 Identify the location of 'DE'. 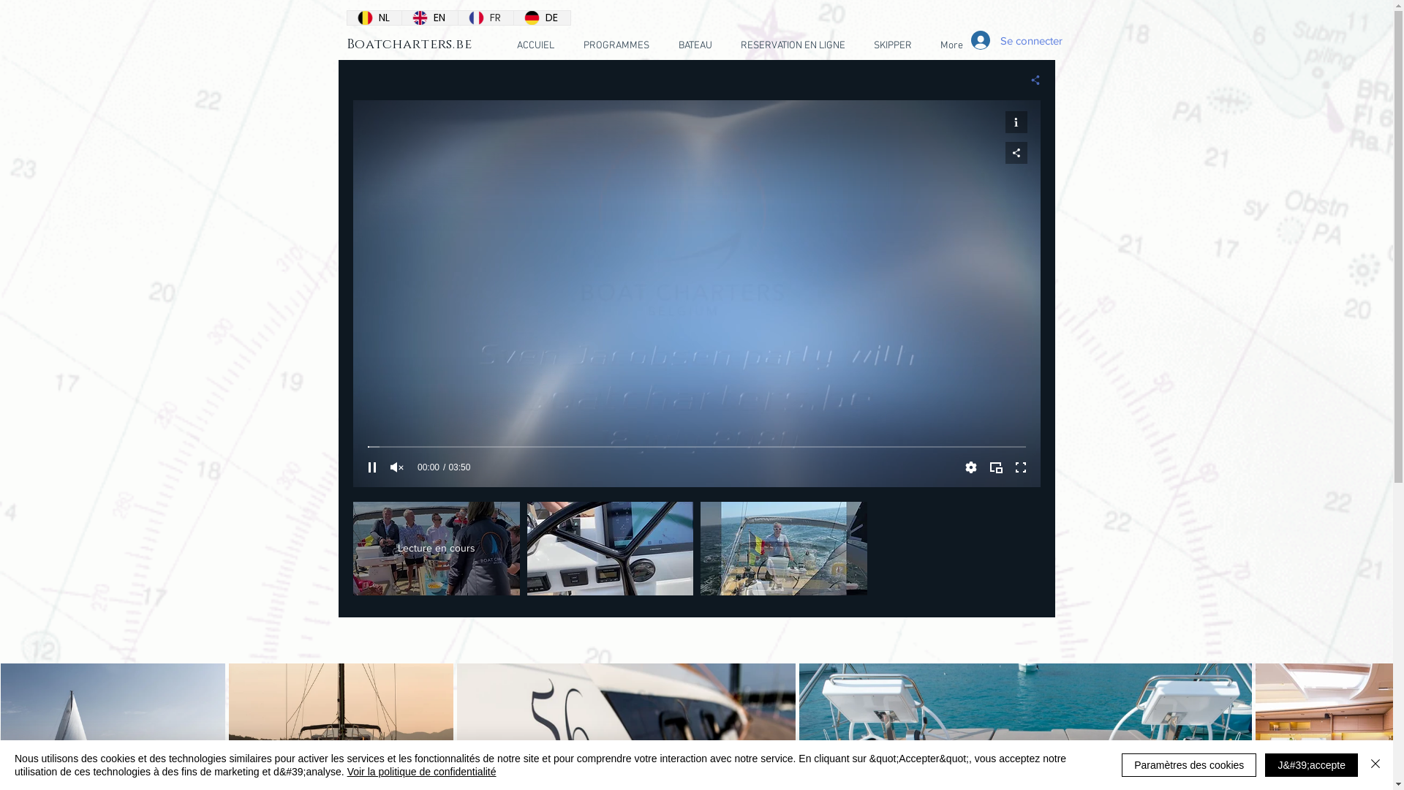
(513, 18).